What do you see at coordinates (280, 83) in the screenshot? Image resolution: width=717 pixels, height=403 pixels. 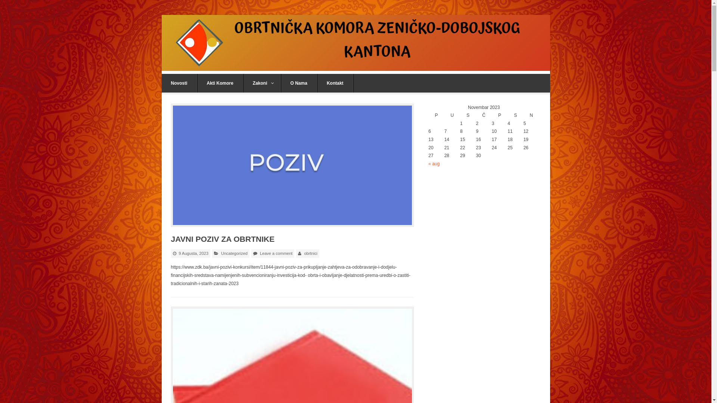 I see `'O Nama'` at bounding box center [280, 83].